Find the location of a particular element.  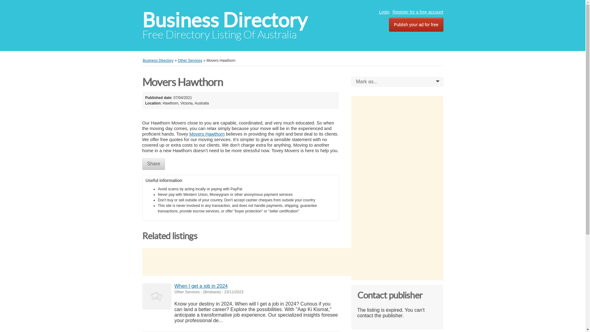

'Register for a free account' is located at coordinates (418, 12).